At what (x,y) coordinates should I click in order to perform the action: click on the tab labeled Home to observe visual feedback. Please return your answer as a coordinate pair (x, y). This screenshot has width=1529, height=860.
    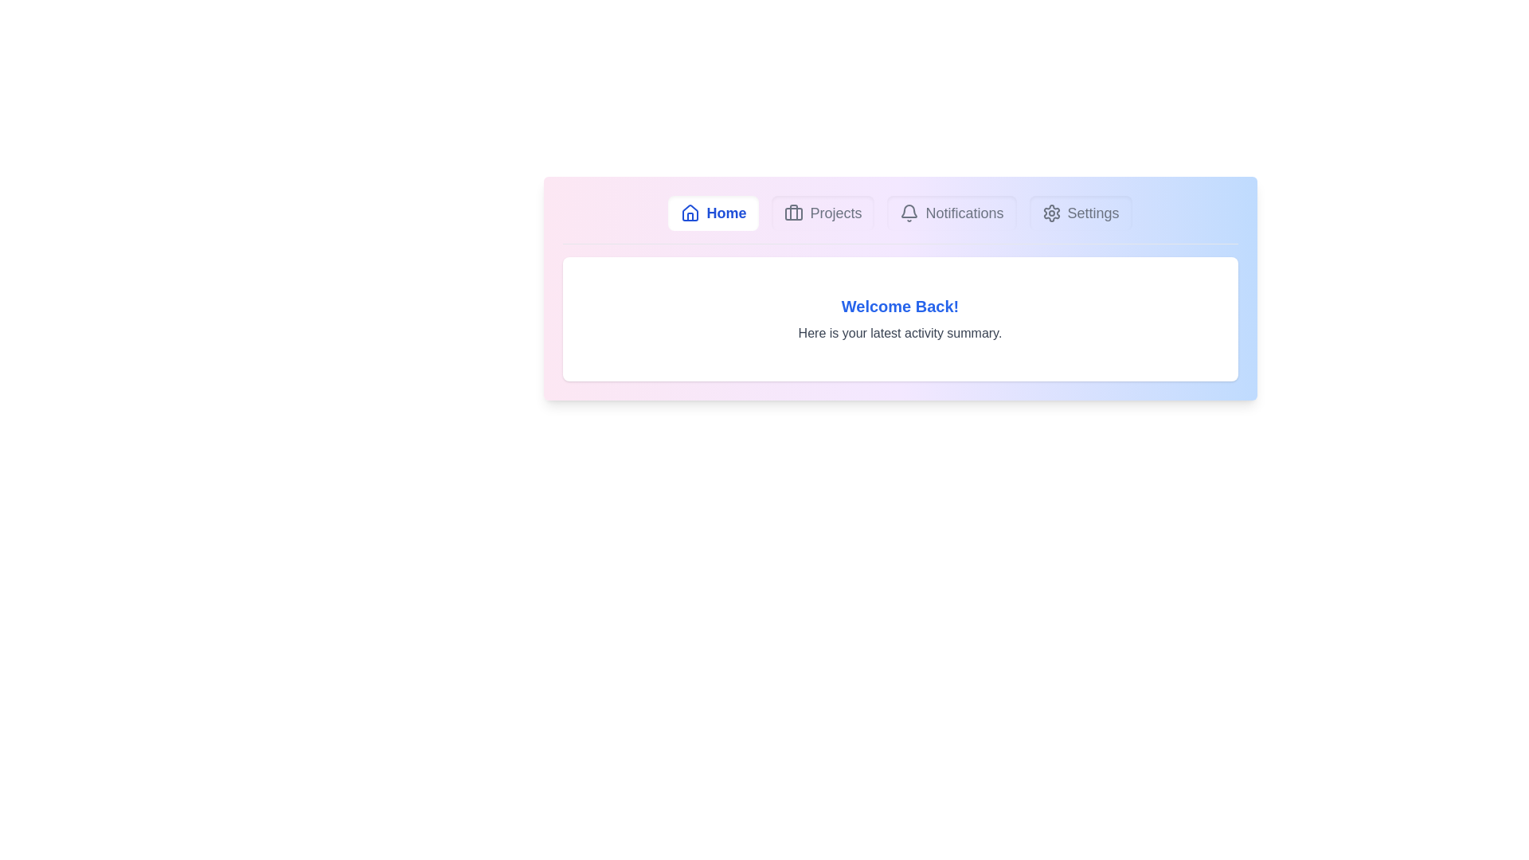
    Looking at the image, I should click on (713, 212).